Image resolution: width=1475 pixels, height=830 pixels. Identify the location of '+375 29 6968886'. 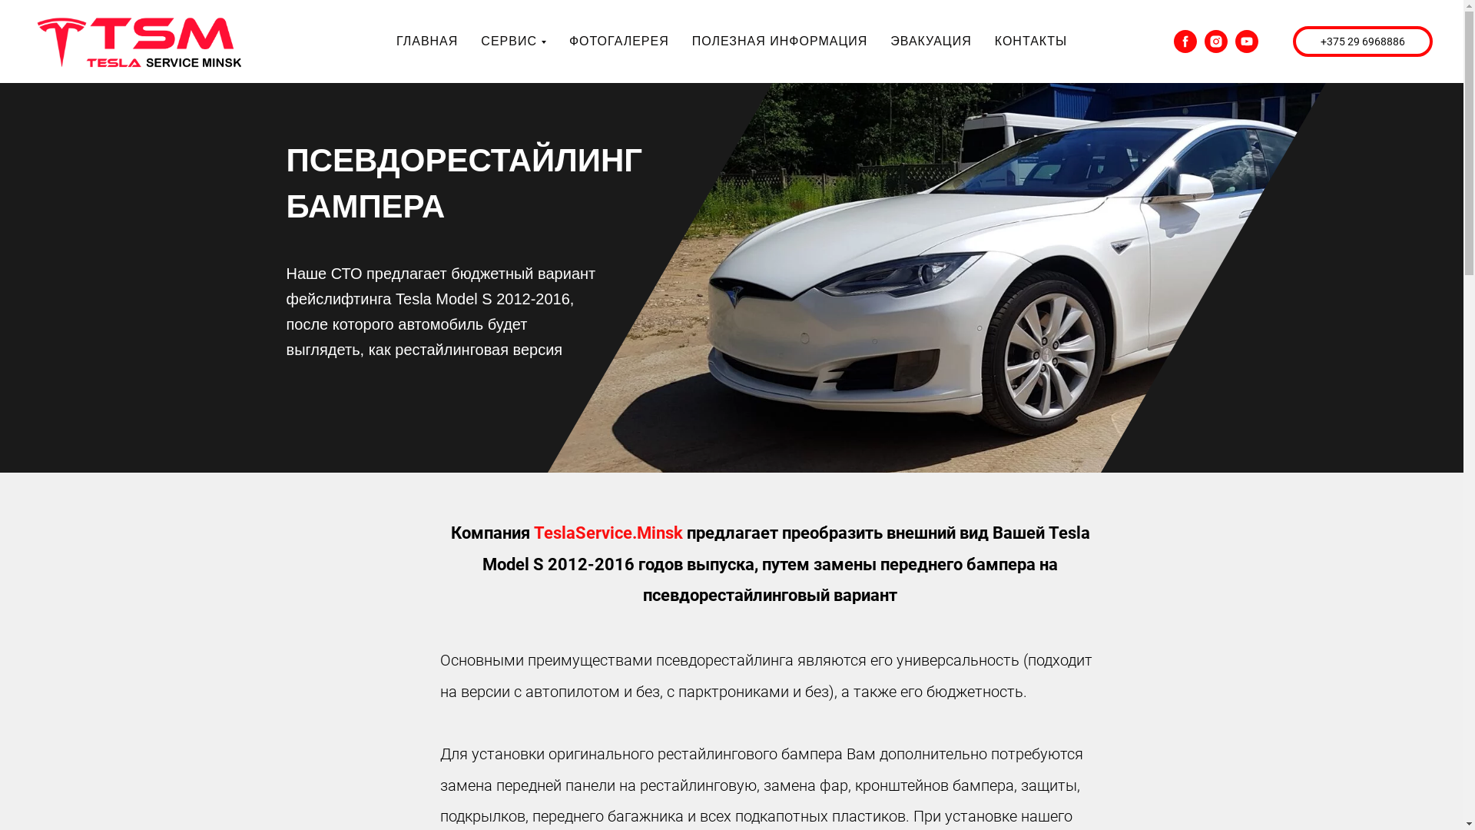
(1363, 41).